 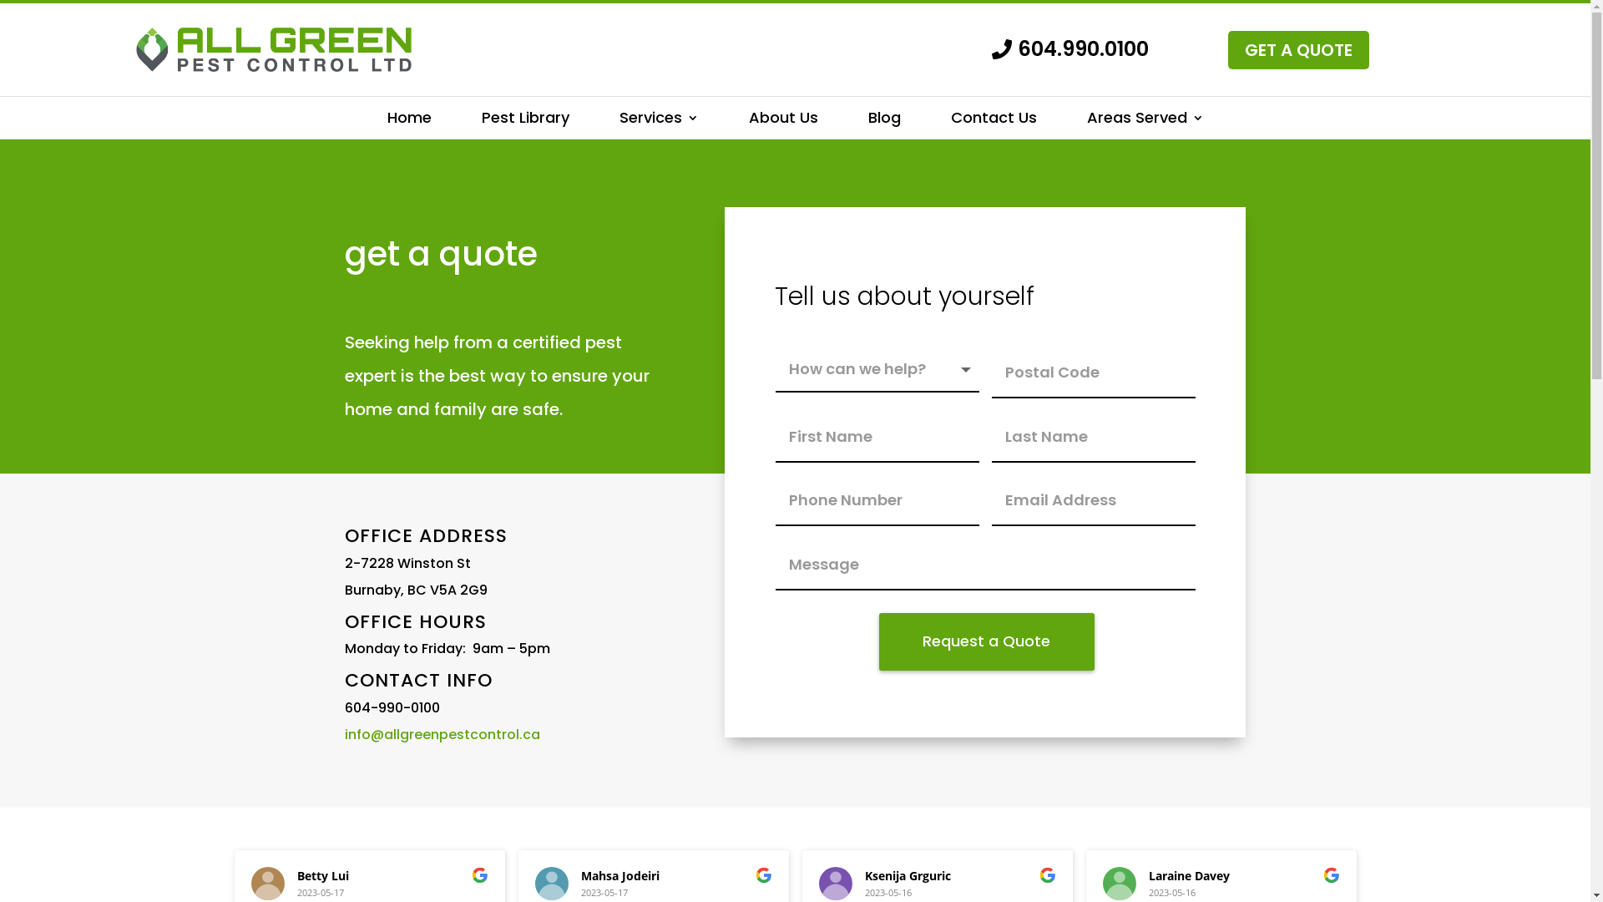 What do you see at coordinates (523, 120) in the screenshot?
I see `'Pest Library'` at bounding box center [523, 120].